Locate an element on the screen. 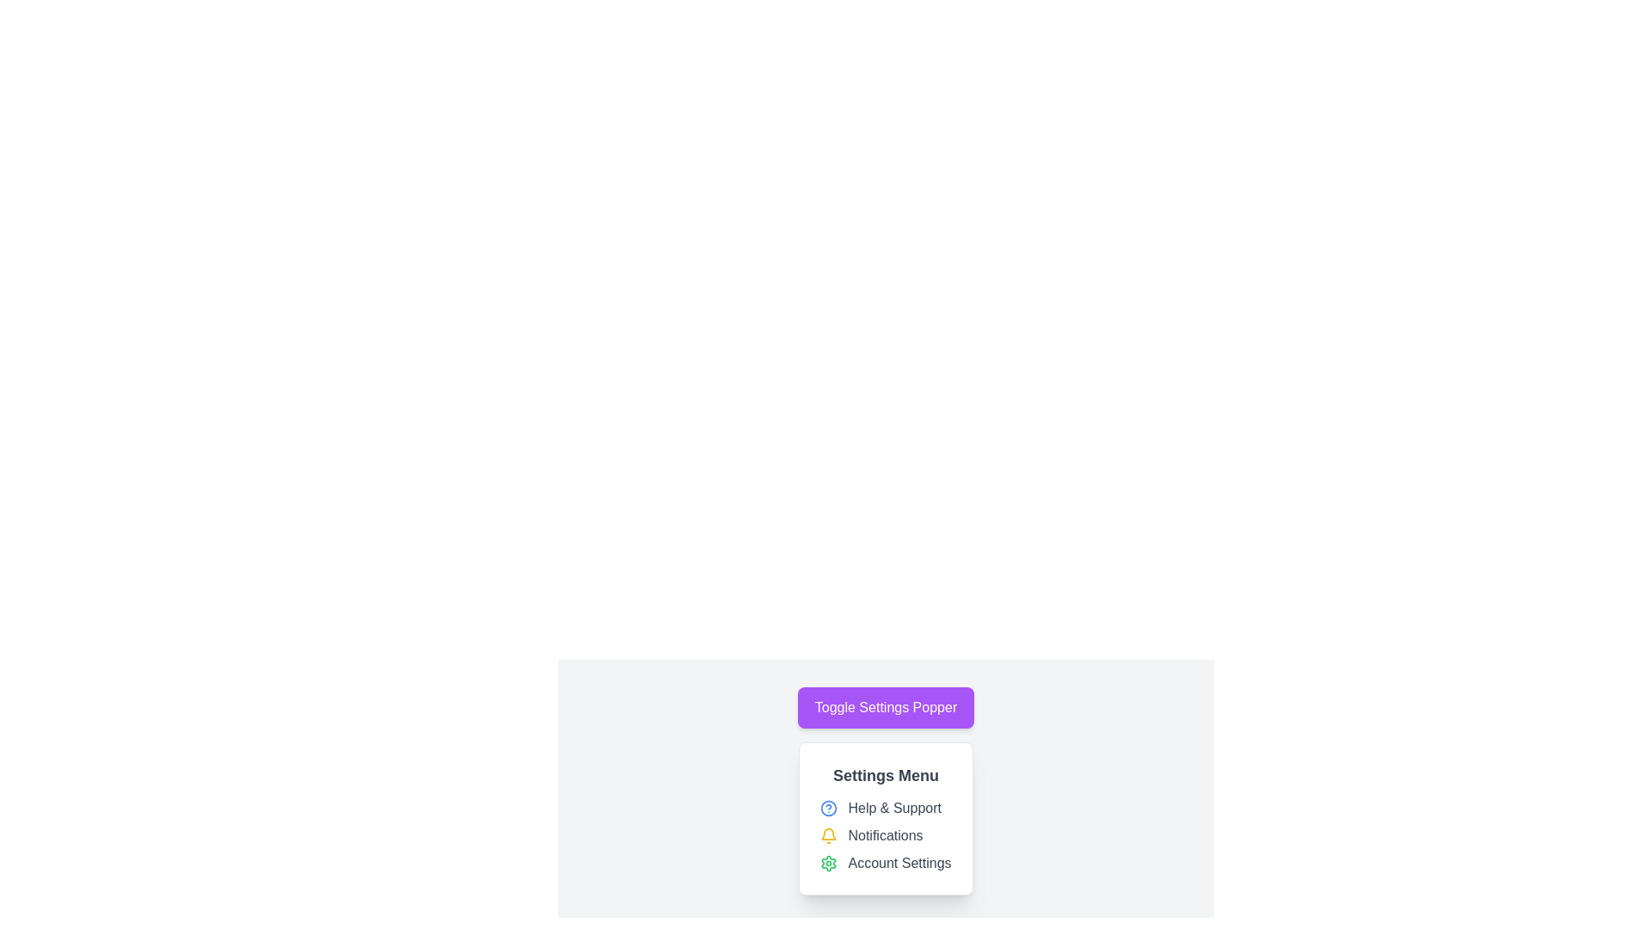 This screenshot has width=1651, height=929. the static text label displaying 'Notifications' in dark gray, located underneath 'Settings Menu' within a minimalistic user interface is located at coordinates (886, 835).